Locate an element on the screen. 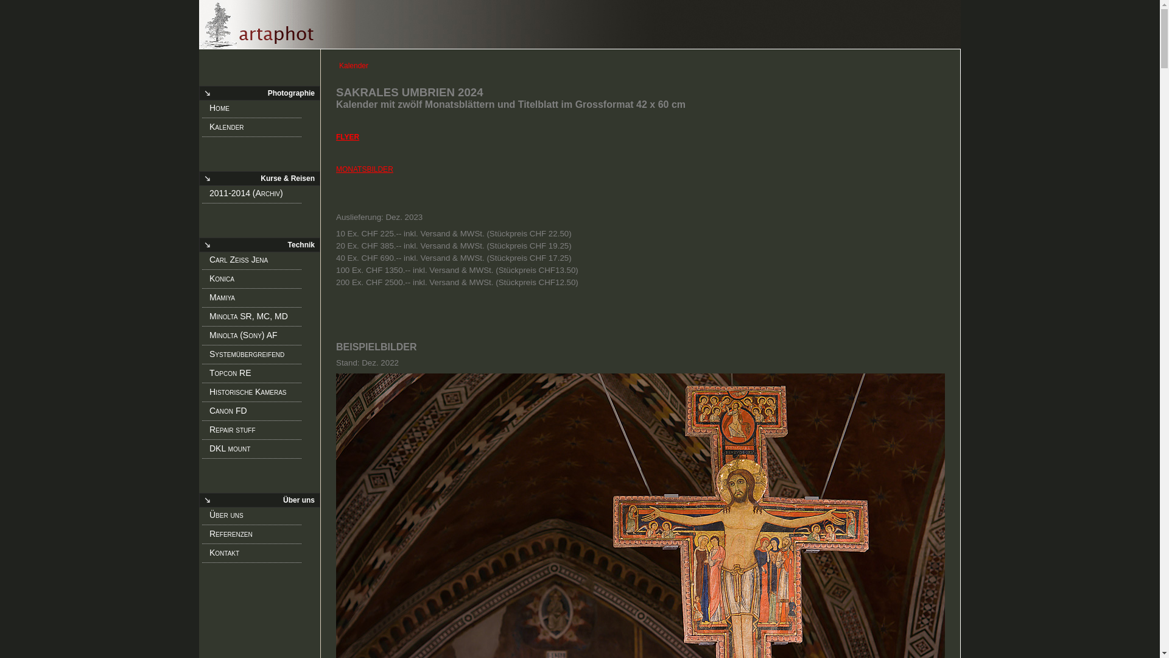 The width and height of the screenshot is (1169, 658). 'Carl Zeiss Jena' is located at coordinates (209, 261).